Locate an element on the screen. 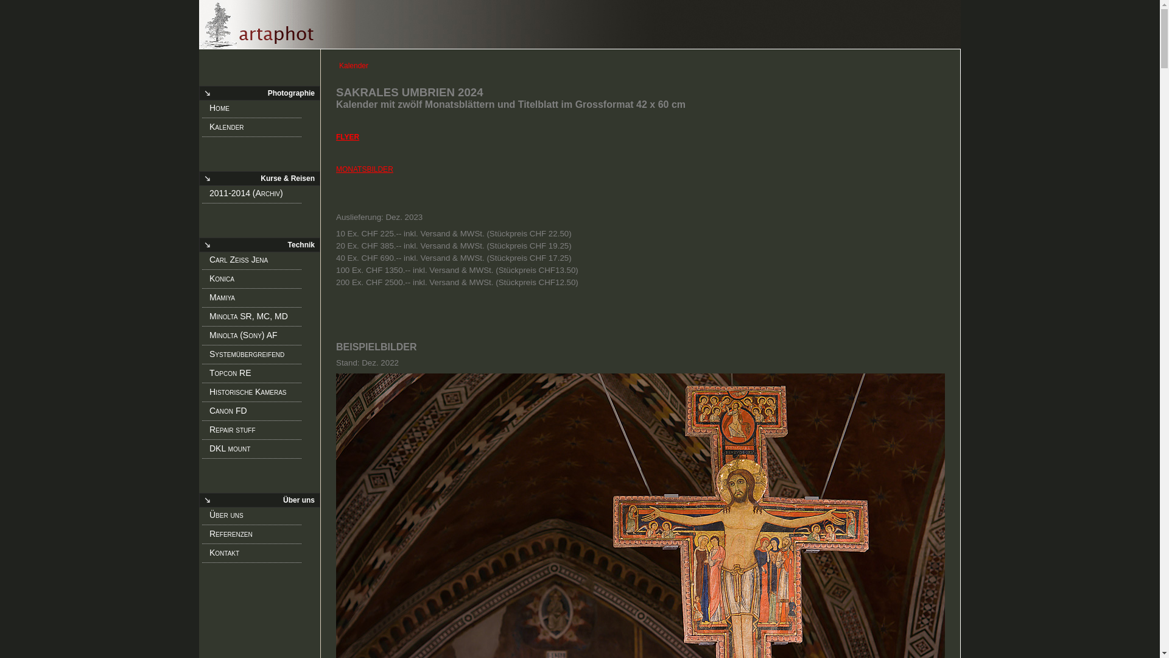 The width and height of the screenshot is (1169, 658). 'Carl Zeiss Jena' is located at coordinates (209, 261).